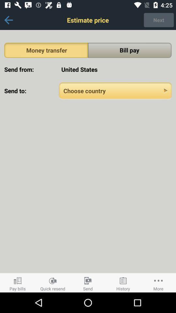 The height and width of the screenshot is (313, 176). What do you see at coordinates (8, 20) in the screenshot?
I see `the item above the money transfer item` at bounding box center [8, 20].